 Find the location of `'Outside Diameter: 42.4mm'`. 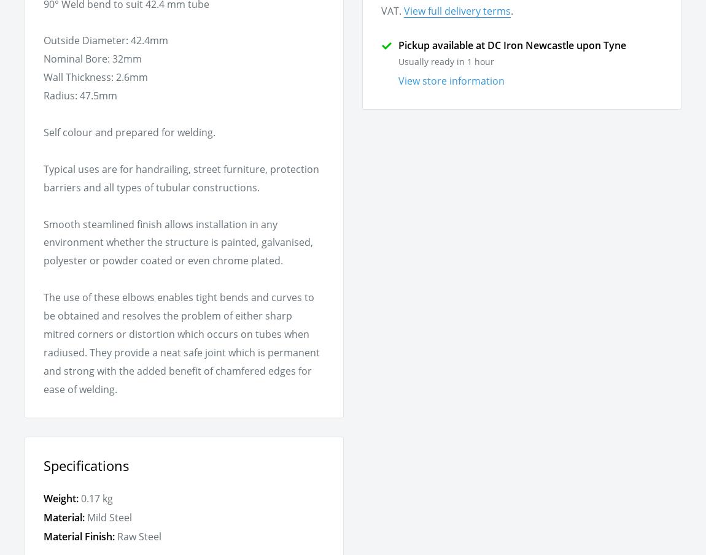

'Outside Diameter: 42.4mm' is located at coordinates (105, 40).